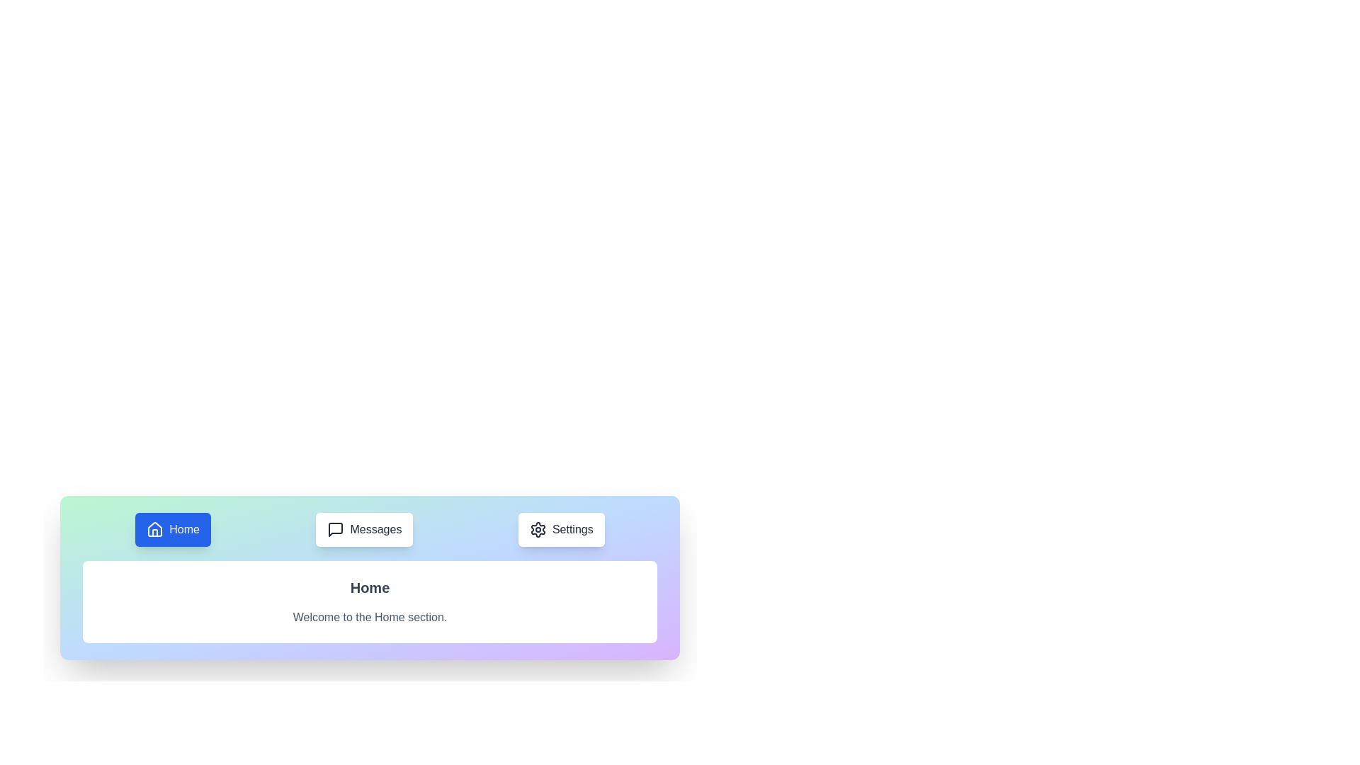 The image size is (1360, 765). I want to click on the Messages button to observe its hover effect, so click(364, 530).